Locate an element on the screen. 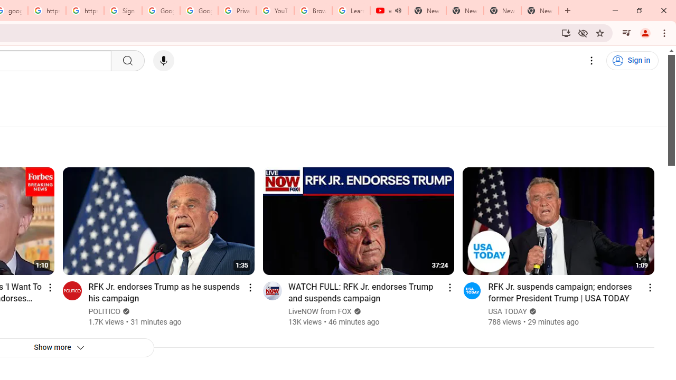  'Install YouTube' is located at coordinates (566, 32).